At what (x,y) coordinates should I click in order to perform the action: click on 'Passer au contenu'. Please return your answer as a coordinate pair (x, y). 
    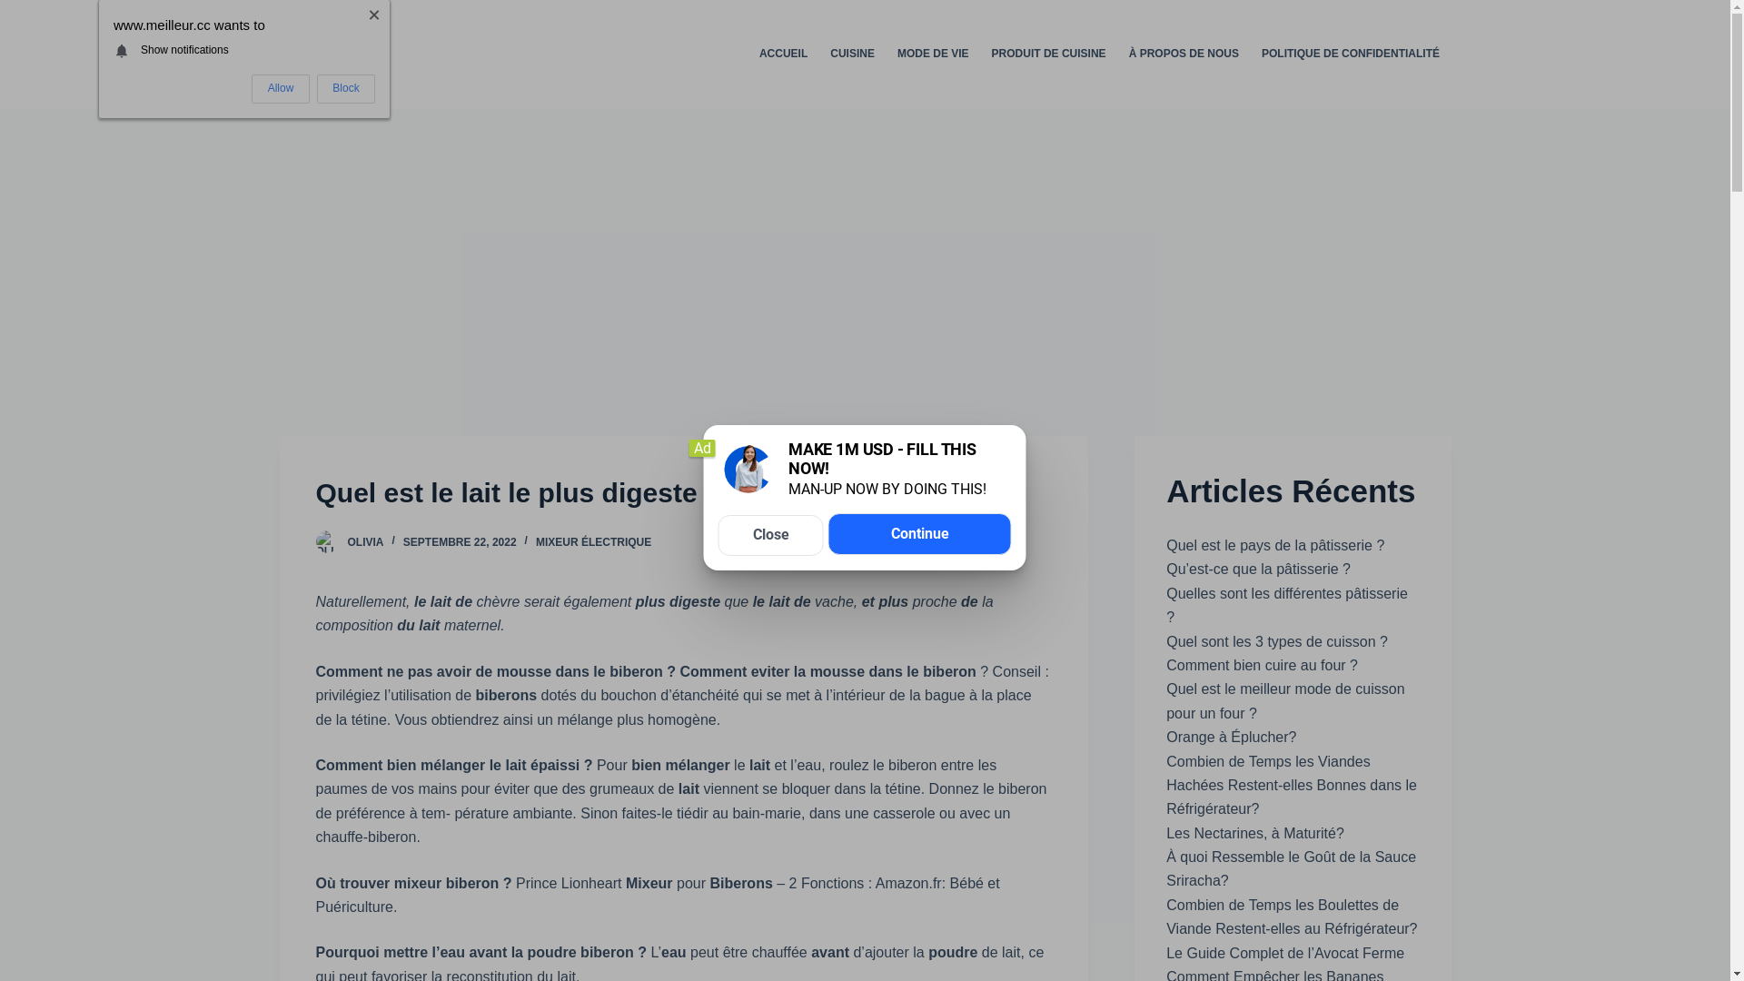
    Looking at the image, I should click on (17, 9).